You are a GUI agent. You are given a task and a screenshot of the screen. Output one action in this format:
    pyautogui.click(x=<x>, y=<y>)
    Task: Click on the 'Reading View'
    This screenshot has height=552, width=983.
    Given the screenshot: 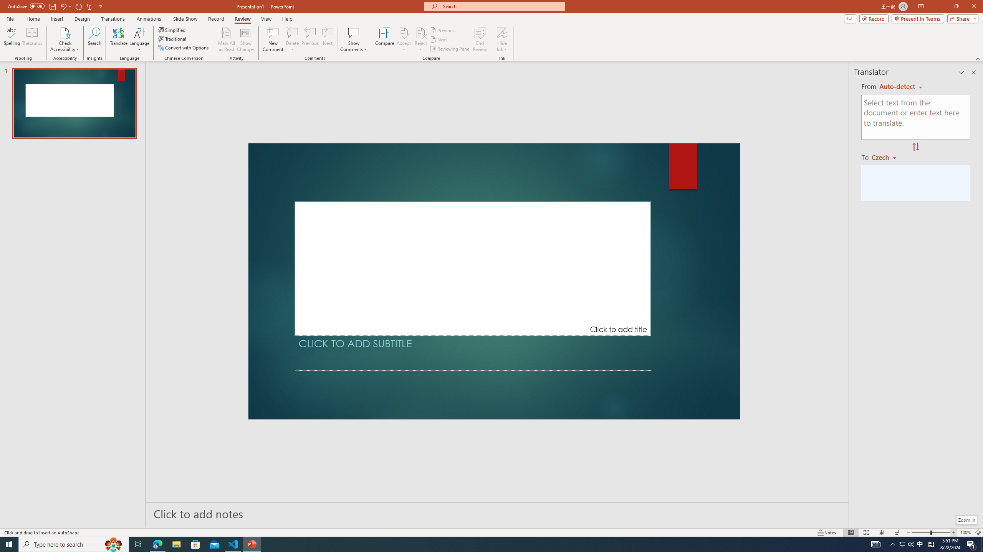 What is the action you would take?
    pyautogui.click(x=881, y=532)
    